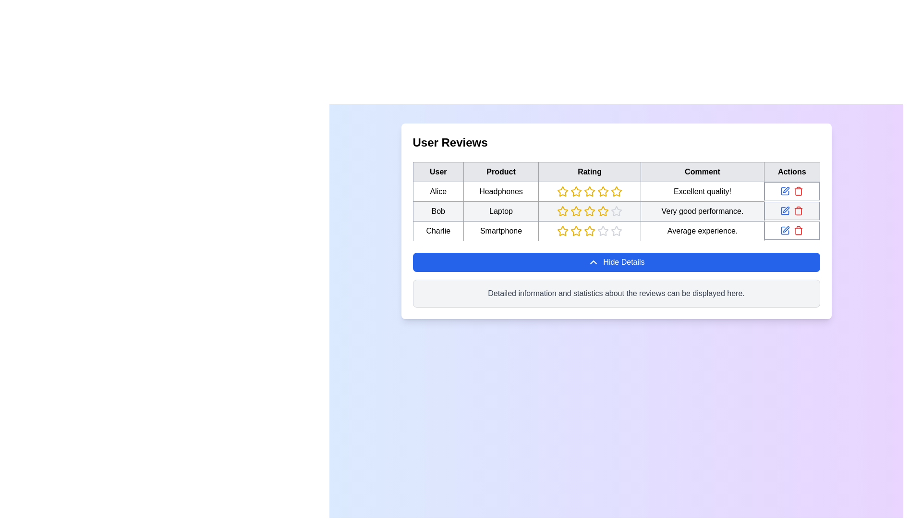 The height and width of the screenshot is (519, 922). Describe the element at coordinates (603, 210) in the screenshot. I see `the fourth rating star icon in the 5-star rating system for the product 'Laptop' reviewed by 'Bob'` at that location.